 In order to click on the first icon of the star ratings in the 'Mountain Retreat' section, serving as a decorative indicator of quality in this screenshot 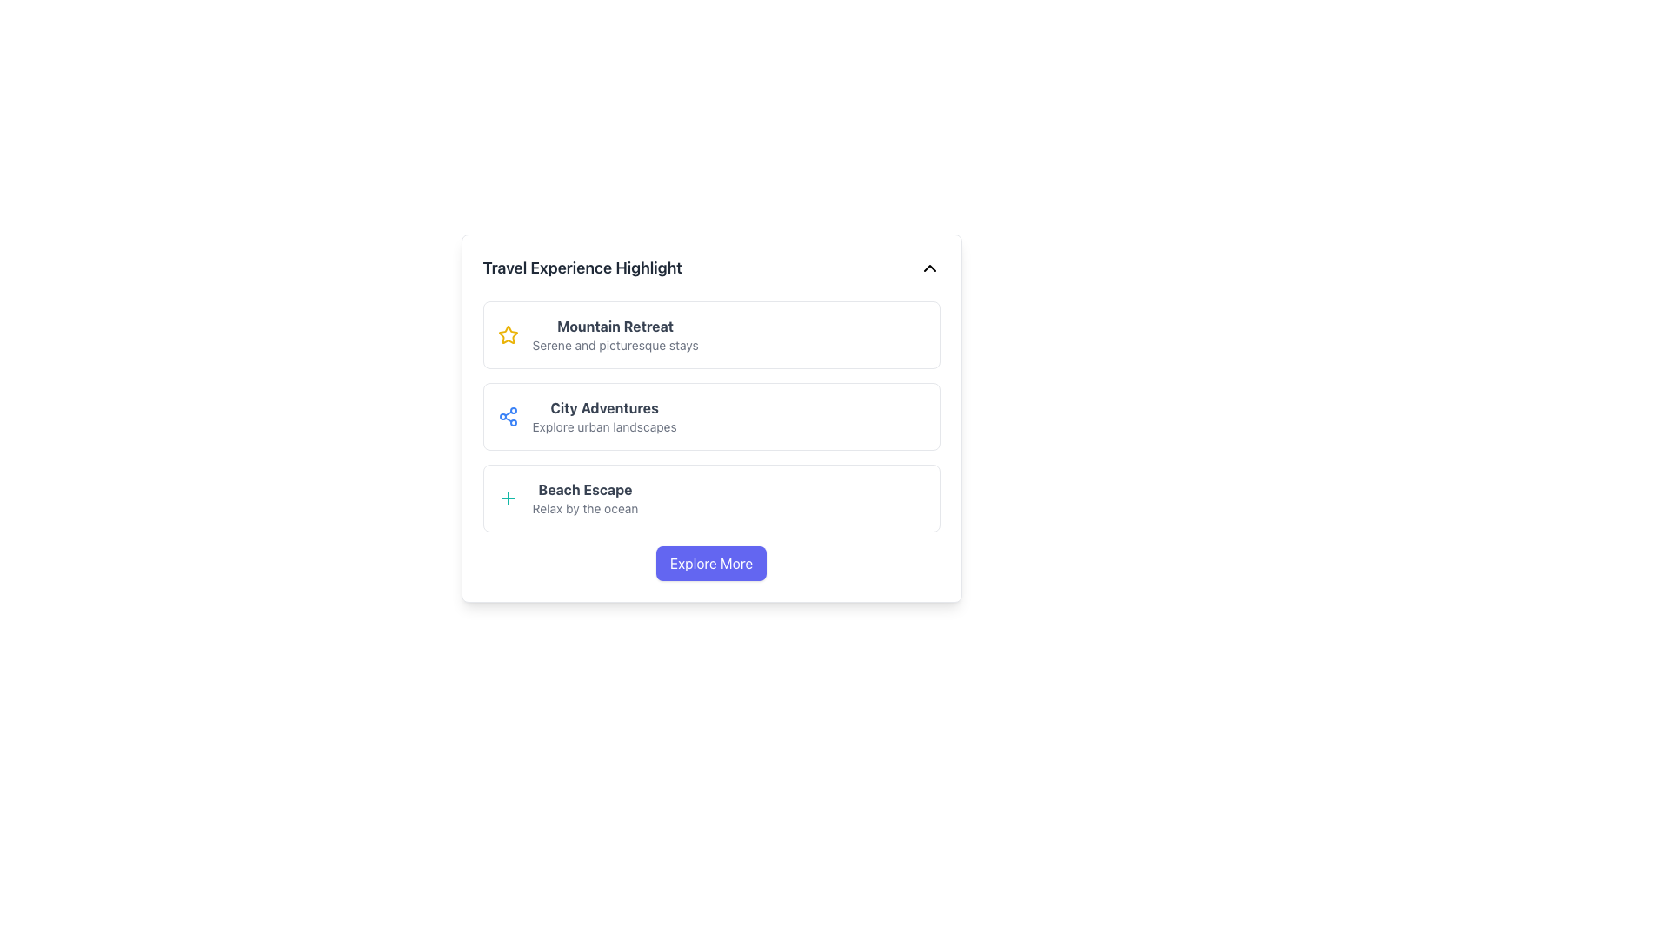, I will do `click(507, 334)`.